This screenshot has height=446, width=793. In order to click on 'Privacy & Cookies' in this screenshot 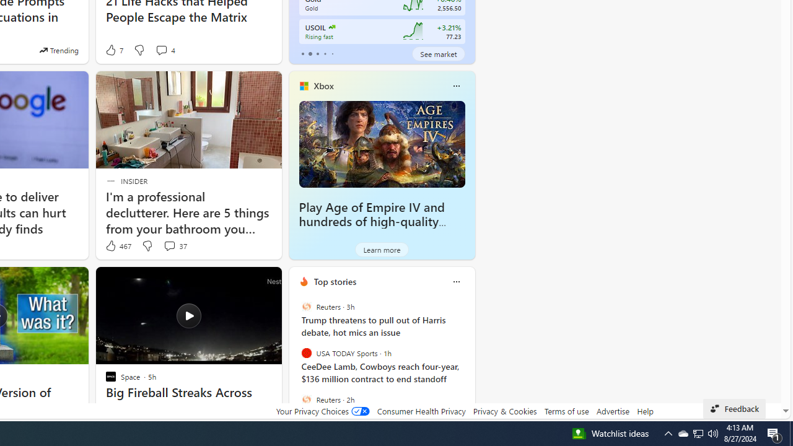, I will do `click(504, 411)`.